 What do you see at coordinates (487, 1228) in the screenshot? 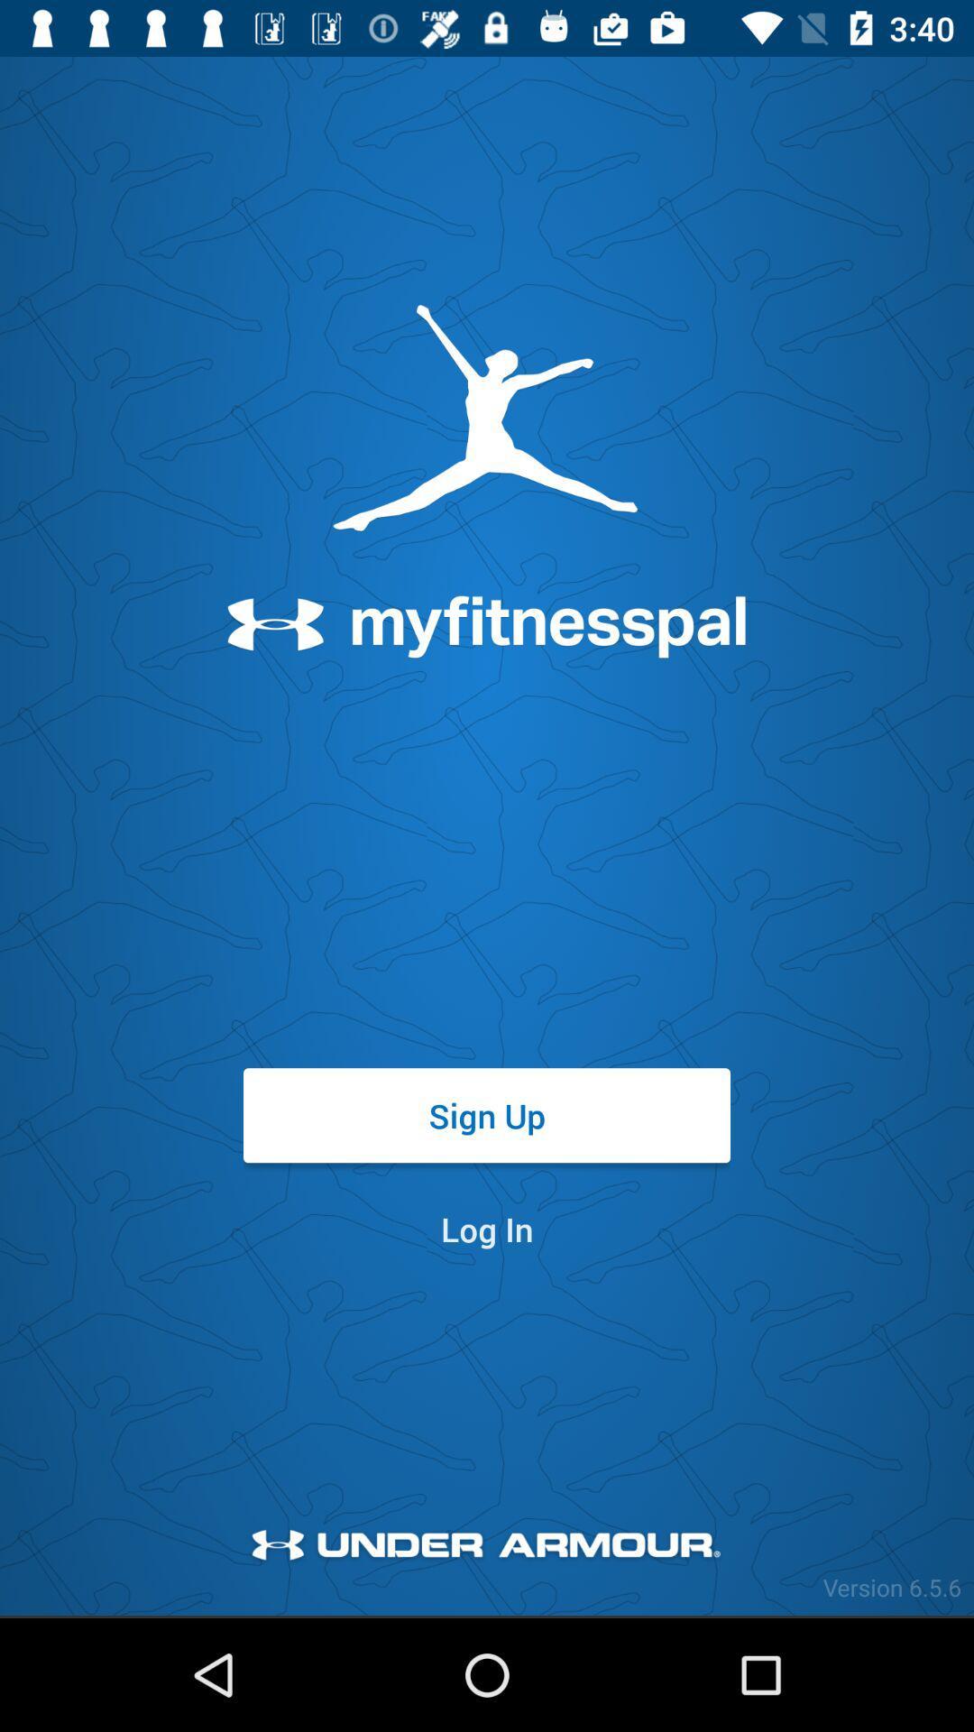
I see `the log in` at bounding box center [487, 1228].